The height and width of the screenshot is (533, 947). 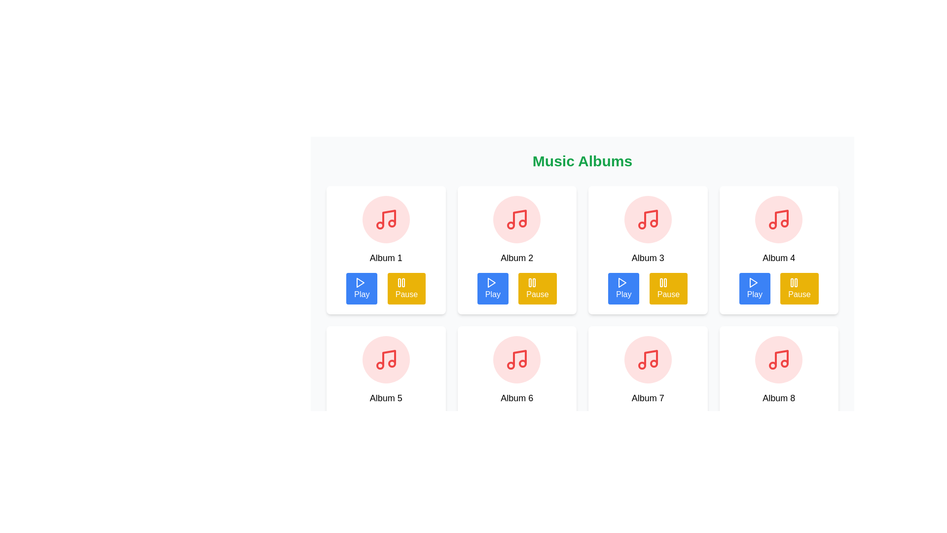 What do you see at coordinates (403, 283) in the screenshot?
I see `the right segment of the pause button, which is a yellow rectangle adjacent to the blue 'Play' button` at bounding box center [403, 283].